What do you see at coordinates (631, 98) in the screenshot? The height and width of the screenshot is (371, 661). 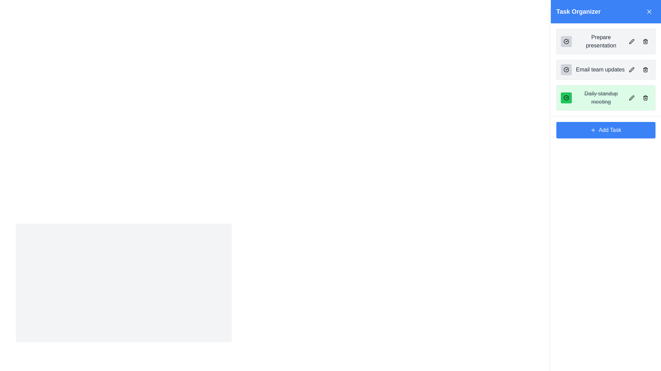 I see `the edit icon located inside the rounded rectangular button of the 'Daily standup meeting' task box to initiate editing` at bounding box center [631, 98].